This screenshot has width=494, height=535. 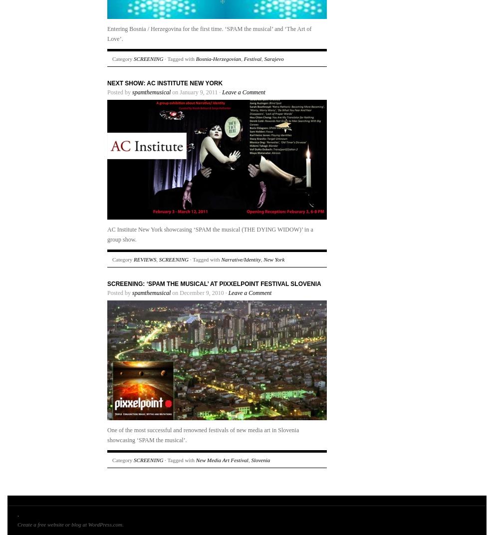 What do you see at coordinates (210, 234) in the screenshot?
I see `'AC Institute New York showcasing ‘SPAM the musical (THE DYING WIDOW)’ in a group show.'` at bounding box center [210, 234].